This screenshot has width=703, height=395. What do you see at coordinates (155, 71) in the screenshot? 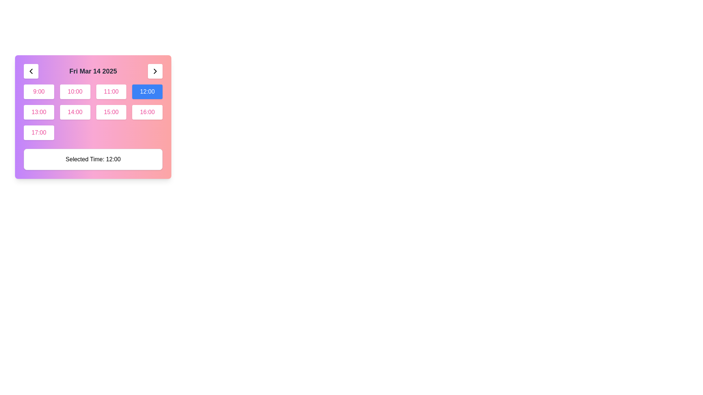
I see `the right-facing chevron arrow icon button, which is located at the top-right corner of the calendar interface` at bounding box center [155, 71].